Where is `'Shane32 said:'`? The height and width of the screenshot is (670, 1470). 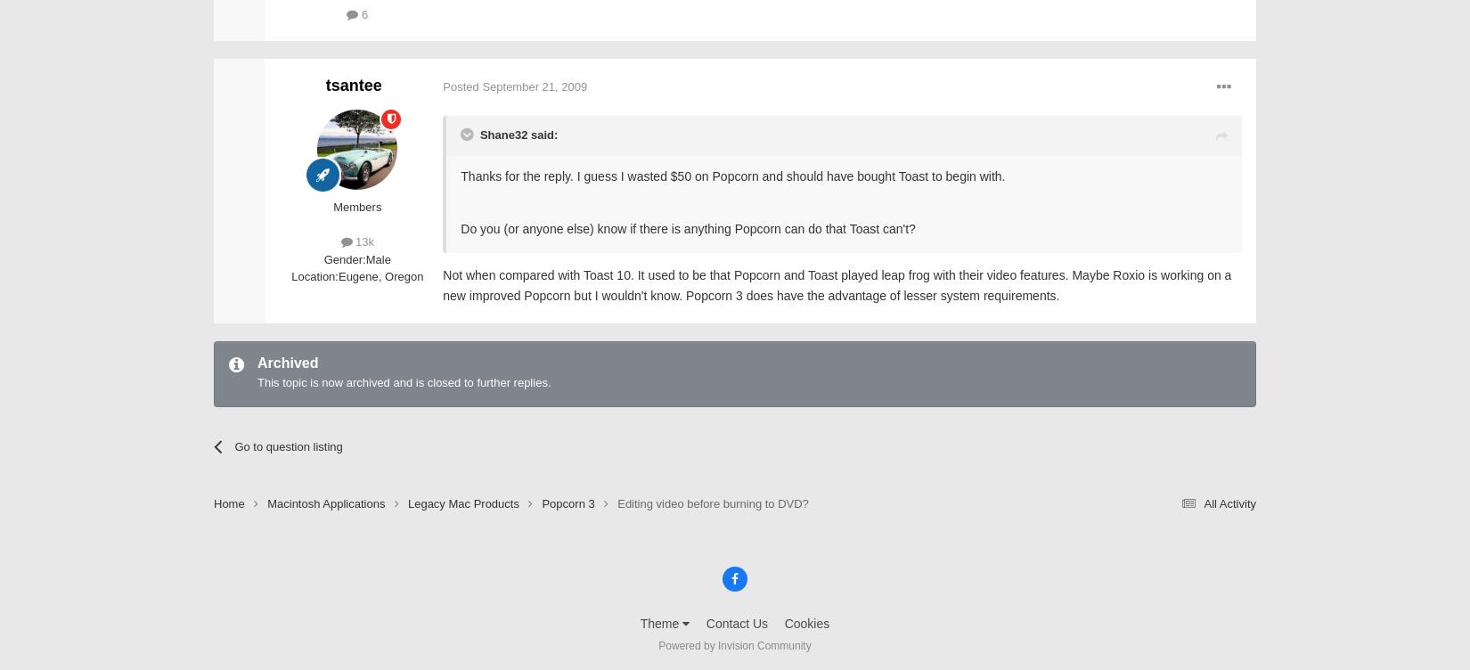 'Shane32 said:' is located at coordinates (517, 134).